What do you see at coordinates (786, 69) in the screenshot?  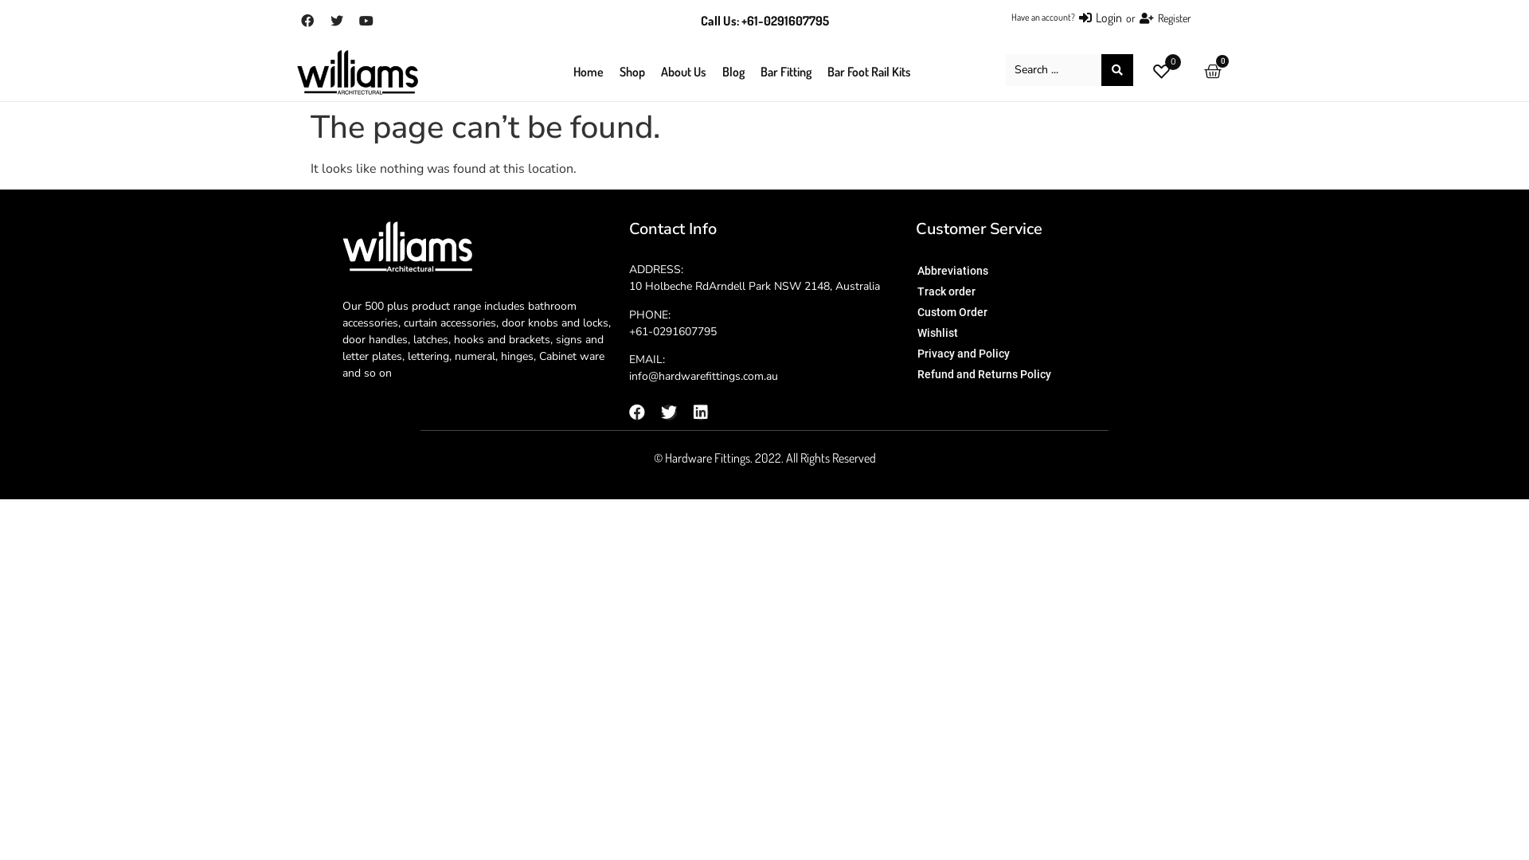 I see `'Bar Fitting'` at bounding box center [786, 69].